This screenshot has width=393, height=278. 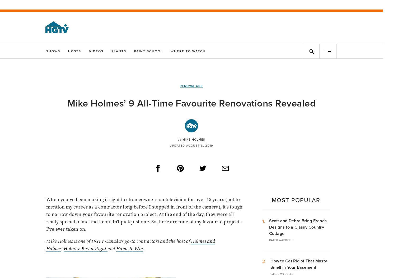 What do you see at coordinates (160, 219) in the screenshot?
I see `'Melissa Girimonte'` at bounding box center [160, 219].